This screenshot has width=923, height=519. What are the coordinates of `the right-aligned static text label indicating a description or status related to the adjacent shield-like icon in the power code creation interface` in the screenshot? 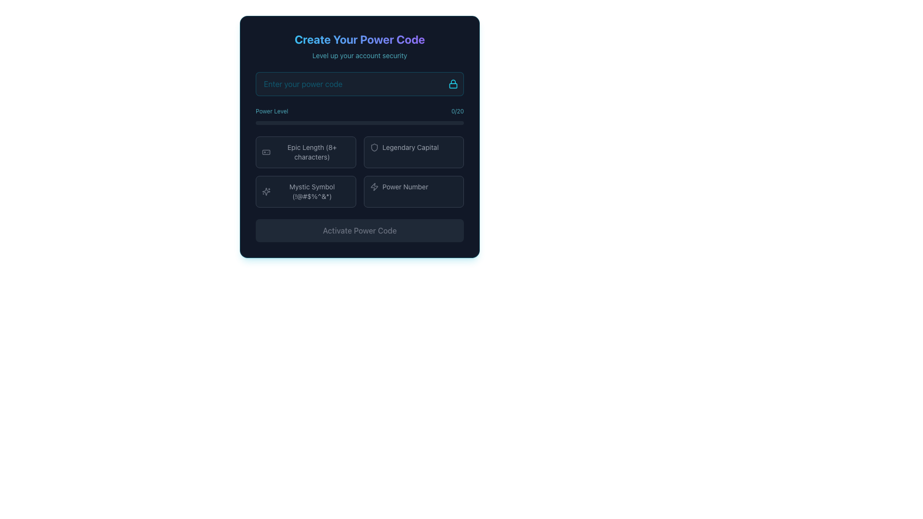 It's located at (411, 148).